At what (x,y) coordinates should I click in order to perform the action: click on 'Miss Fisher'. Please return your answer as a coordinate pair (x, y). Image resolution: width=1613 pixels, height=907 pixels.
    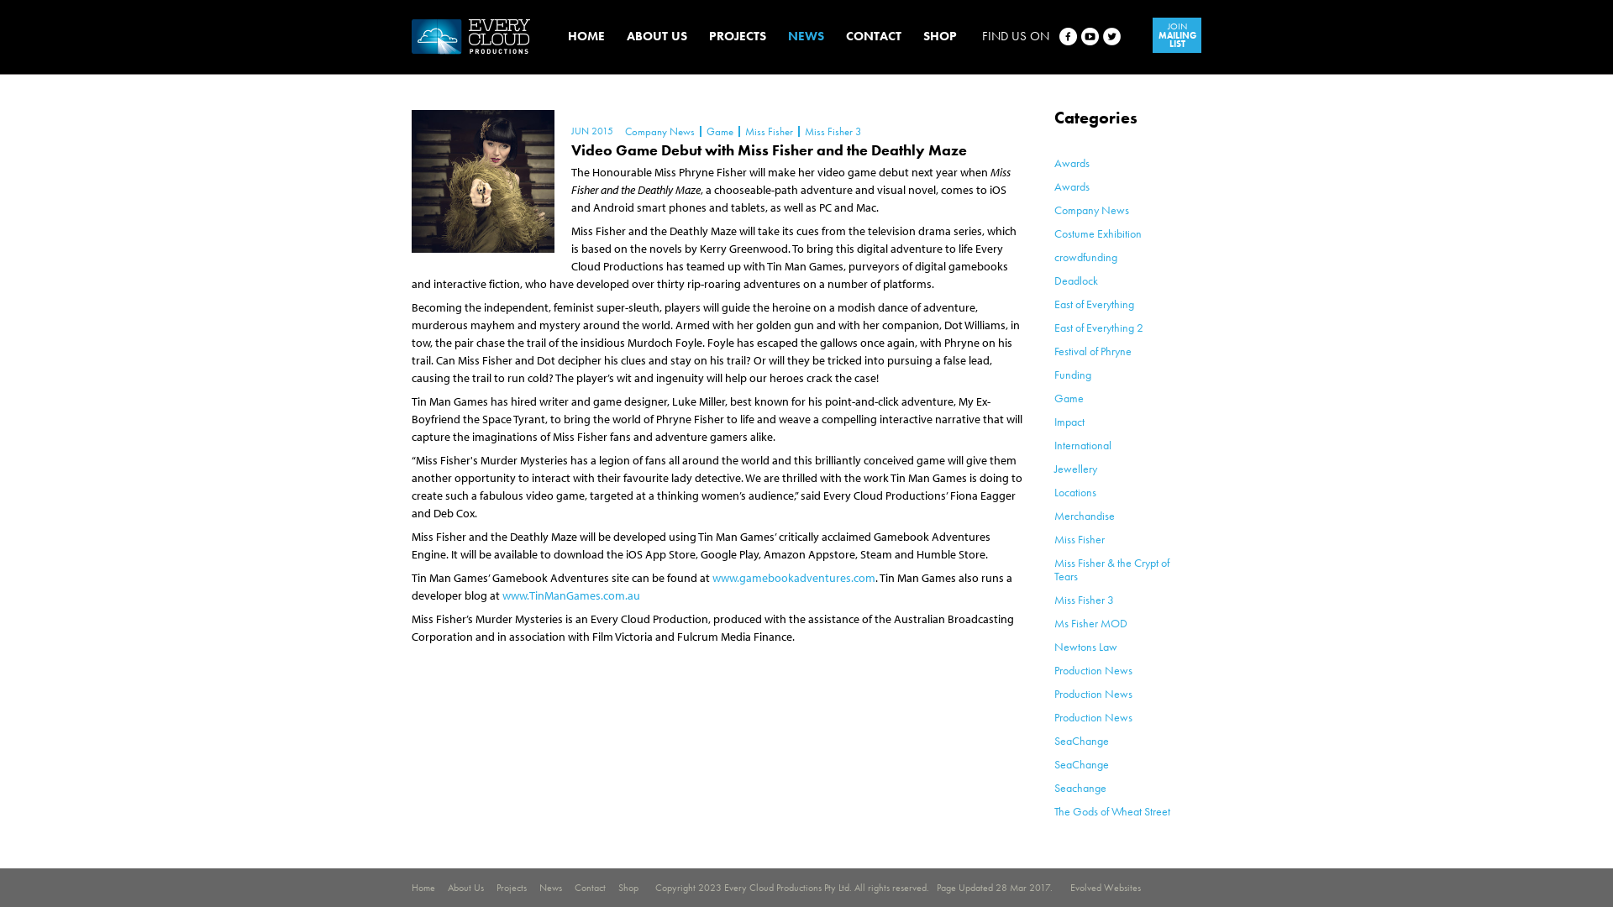
    Looking at the image, I should click on (1080, 538).